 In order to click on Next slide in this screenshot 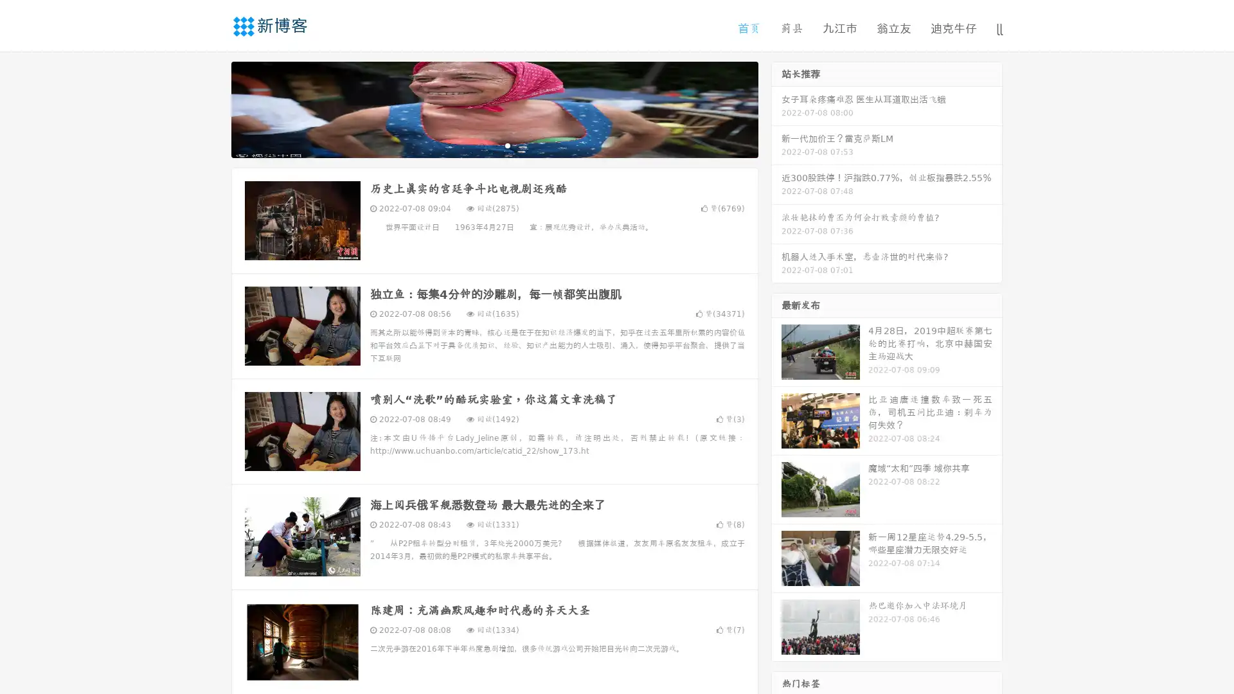, I will do `click(776, 108)`.